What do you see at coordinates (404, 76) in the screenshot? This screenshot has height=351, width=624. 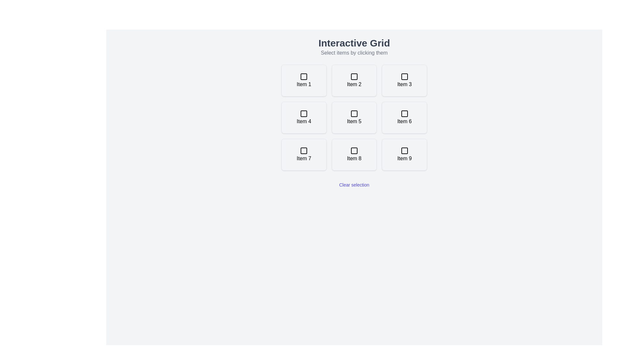 I see `the non-interactive SVG rectangle located in the top-right cell labeled 'Item 3' of the grid interface` at bounding box center [404, 76].